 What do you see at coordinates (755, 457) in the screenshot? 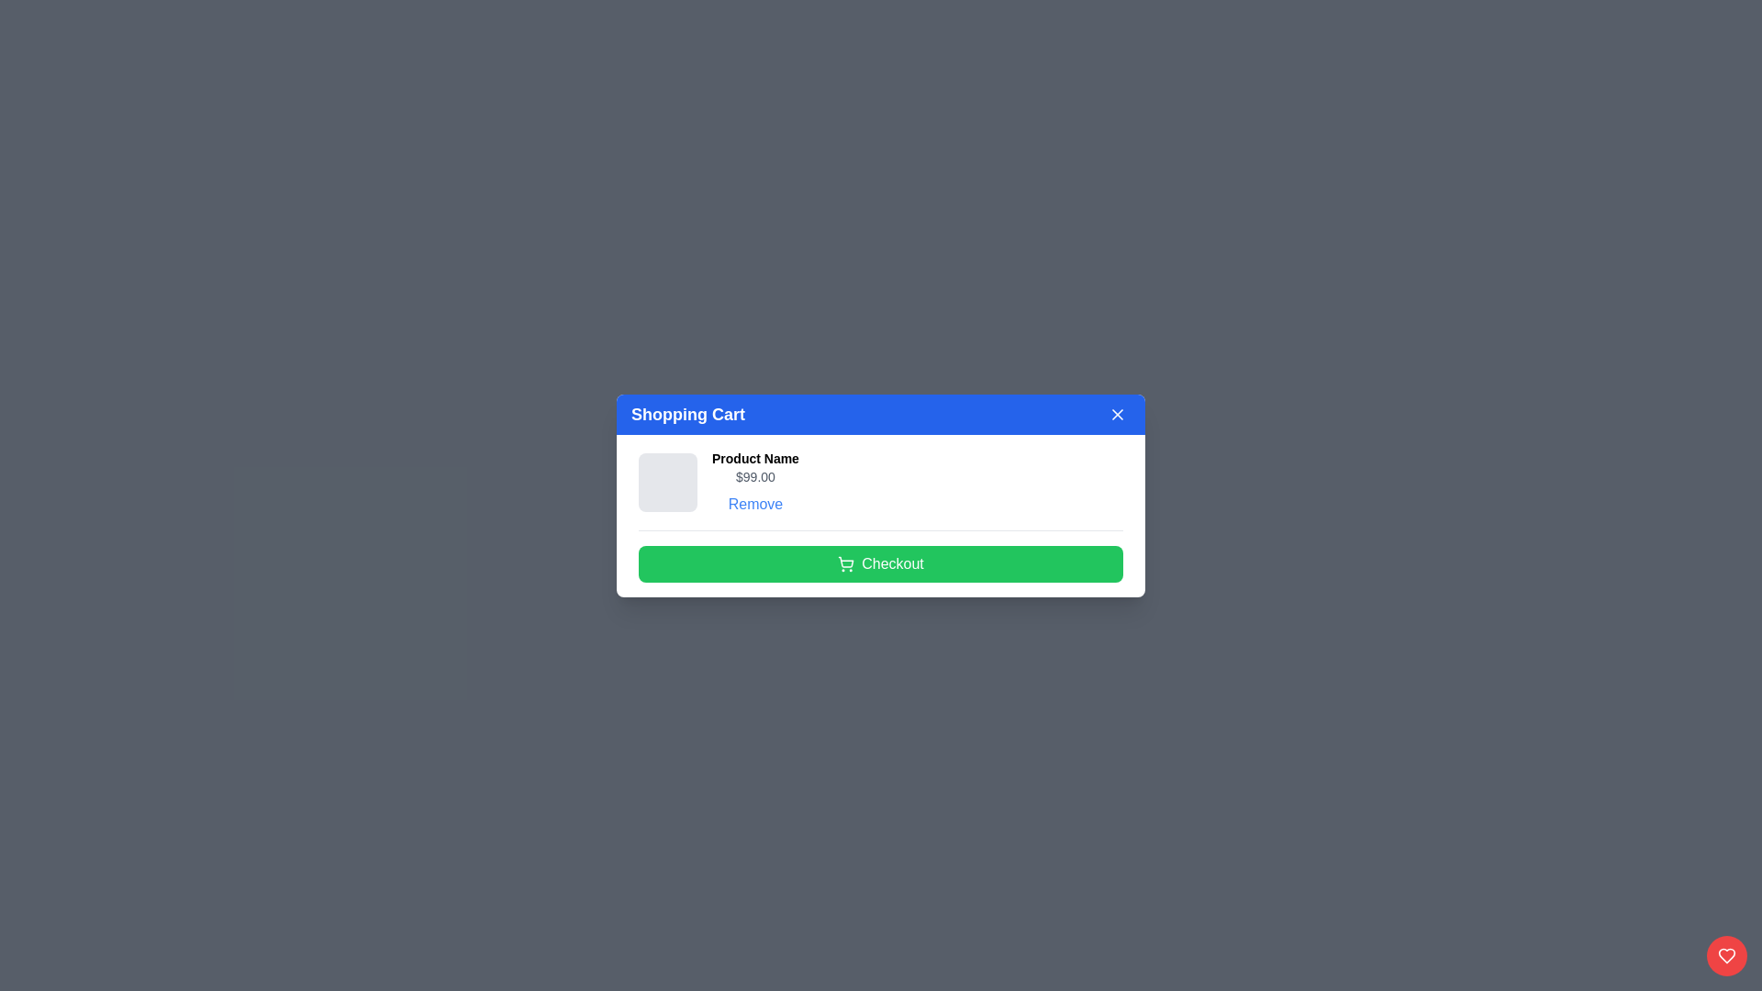
I see `the static text label displaying 'Product Name', which is prominently positioned above the price label in the shopping cart view` at bounding box center [755, 457].